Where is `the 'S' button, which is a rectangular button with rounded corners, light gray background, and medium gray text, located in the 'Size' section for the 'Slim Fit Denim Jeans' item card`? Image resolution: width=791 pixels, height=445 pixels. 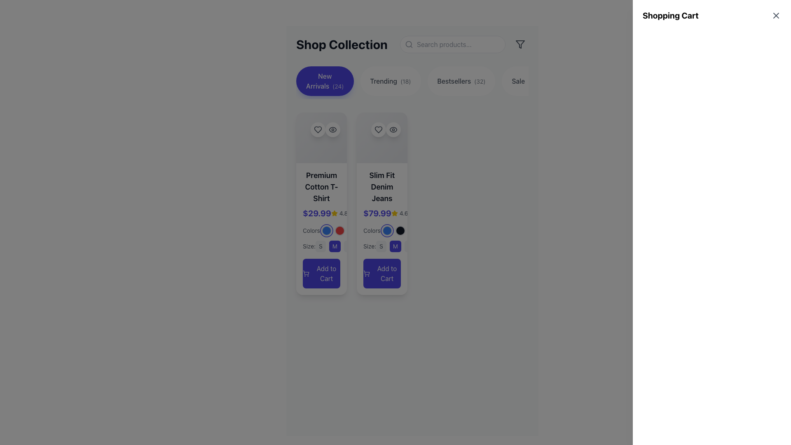
the 'S' button, which is a rectangular button with rounded corners, light gray background, and medium gray text, located in the 'Size' section for the 'Slim Fit Denim Jeans' item card is located at coordinates (381, 246).